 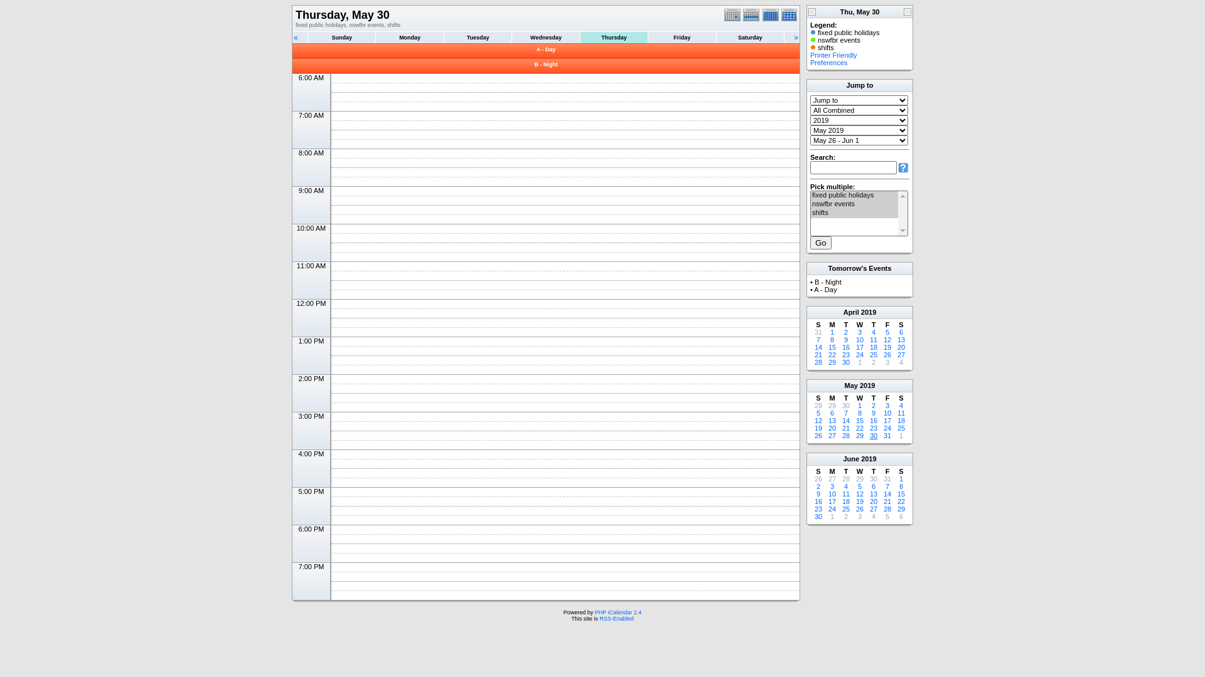 What do you see at coordinates (843, 413) in the screenshot?
I see `'7'` at bounding box center [843, 413].